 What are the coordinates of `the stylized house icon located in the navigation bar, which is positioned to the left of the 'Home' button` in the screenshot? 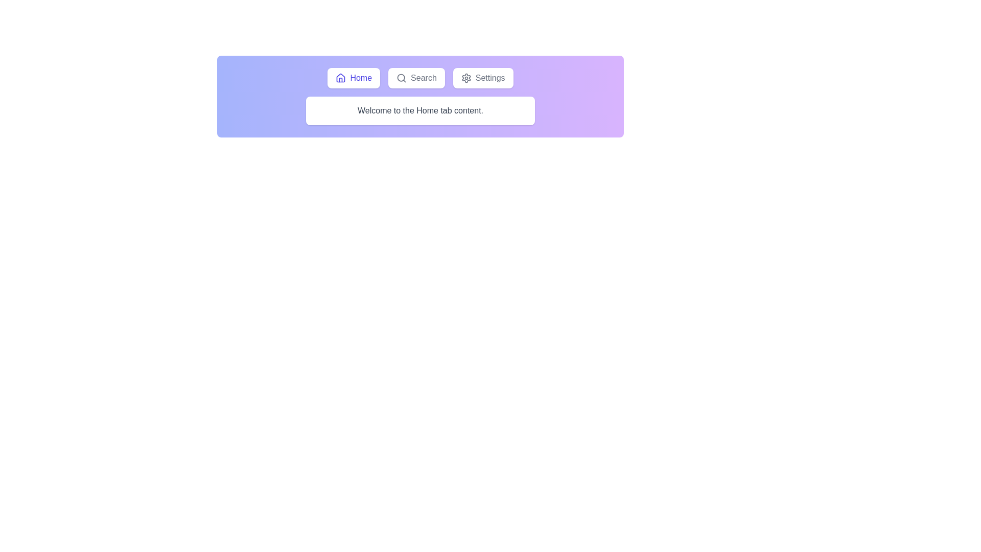 It's located at (341, 77).